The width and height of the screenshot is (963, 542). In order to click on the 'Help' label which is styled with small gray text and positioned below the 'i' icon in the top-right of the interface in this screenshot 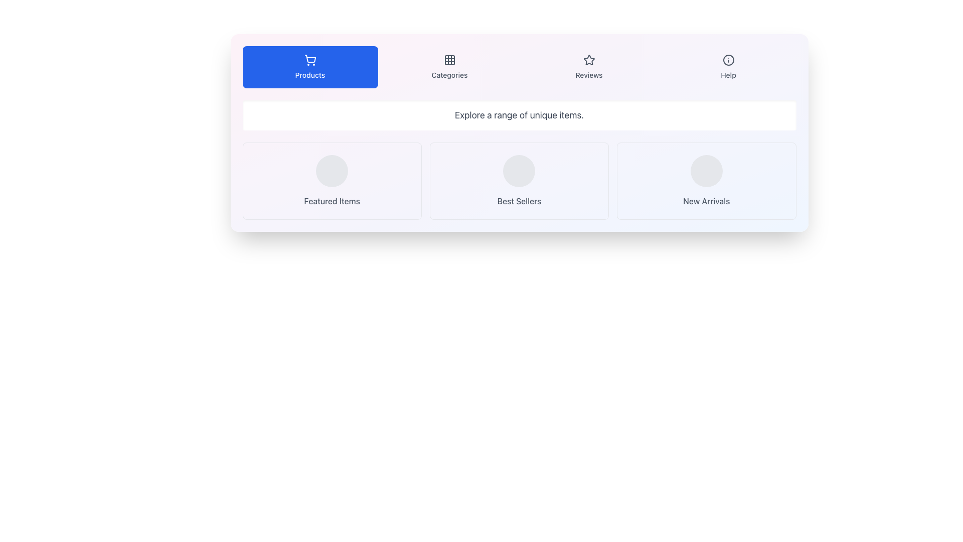, I will do `click(728, 75)`.